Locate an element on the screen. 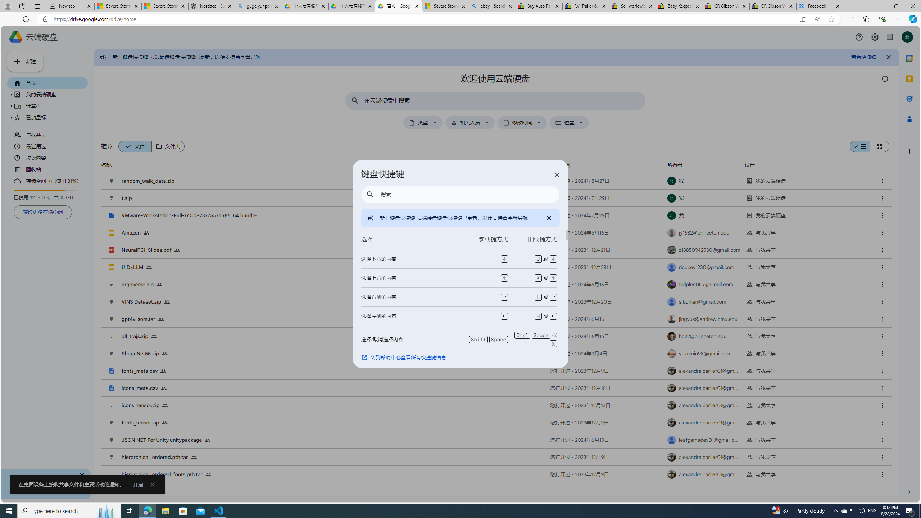 This screenshot has width=921, height=518. 'Nordace - Summer Adventures 2024' is located at coordinates (211, 6).